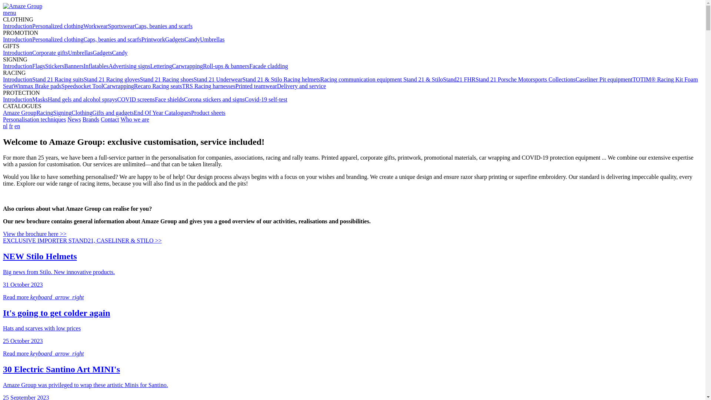 This screenshot has width=711, height=400. What do you see at coordinates (54, 66) in the screenshot?
I see `'Stickers'` at bounding box center [54, 66].